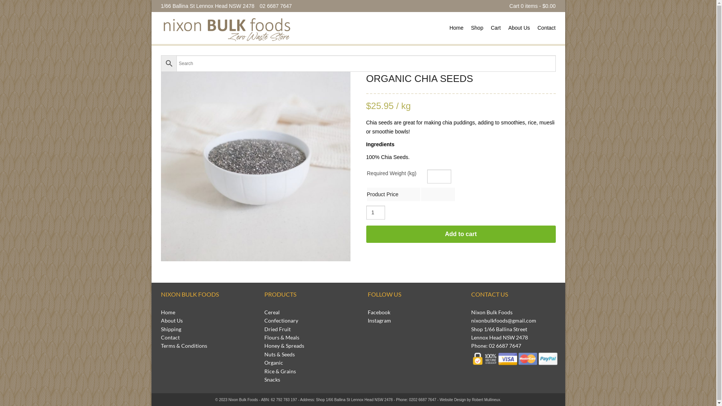 The image size is (722, 406). I want to click on 'Terms & Conditions', so click(184, 345).